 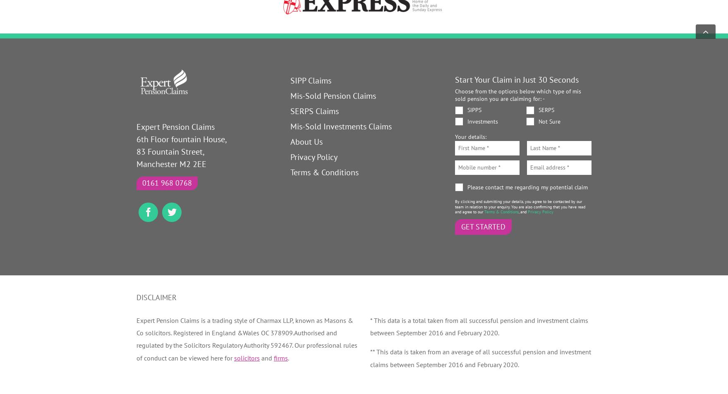 I want to click on 'Your details:', so click(x=470, y=136).